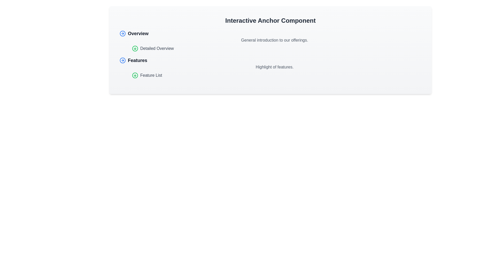 The image size is (496, 279). I want to click on the clickable hyperlink located between the 'Overview' and 'Feature List' links to observe a visual change in text color, so click(137, 60).